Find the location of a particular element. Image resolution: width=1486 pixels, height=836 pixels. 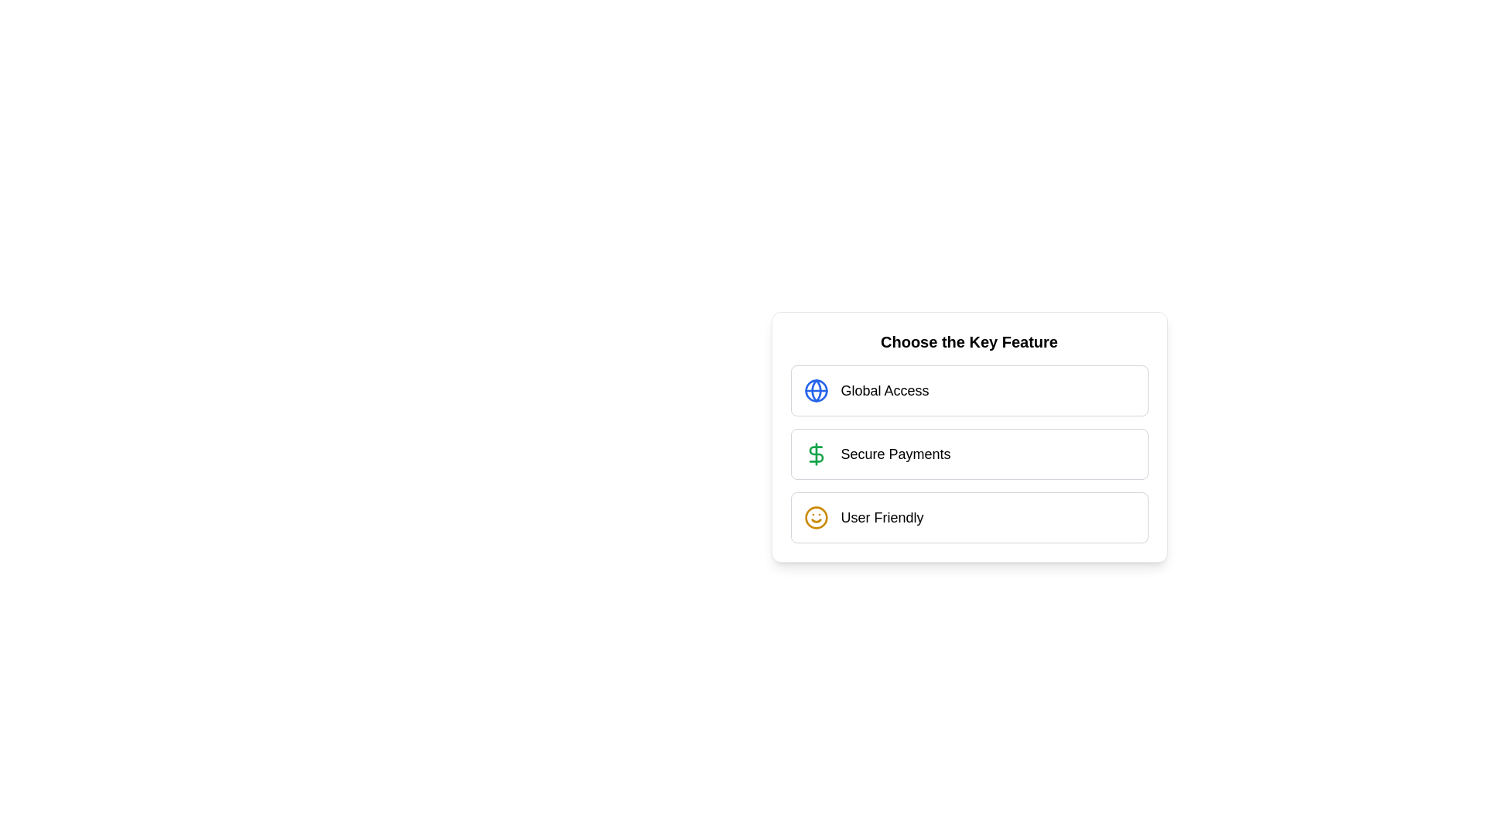

the circular smiley face icon located to the left of 'User Friendly' in the third item of the vertical list under 'Choose the Key Feature.' is located at coordinates (815, 517).